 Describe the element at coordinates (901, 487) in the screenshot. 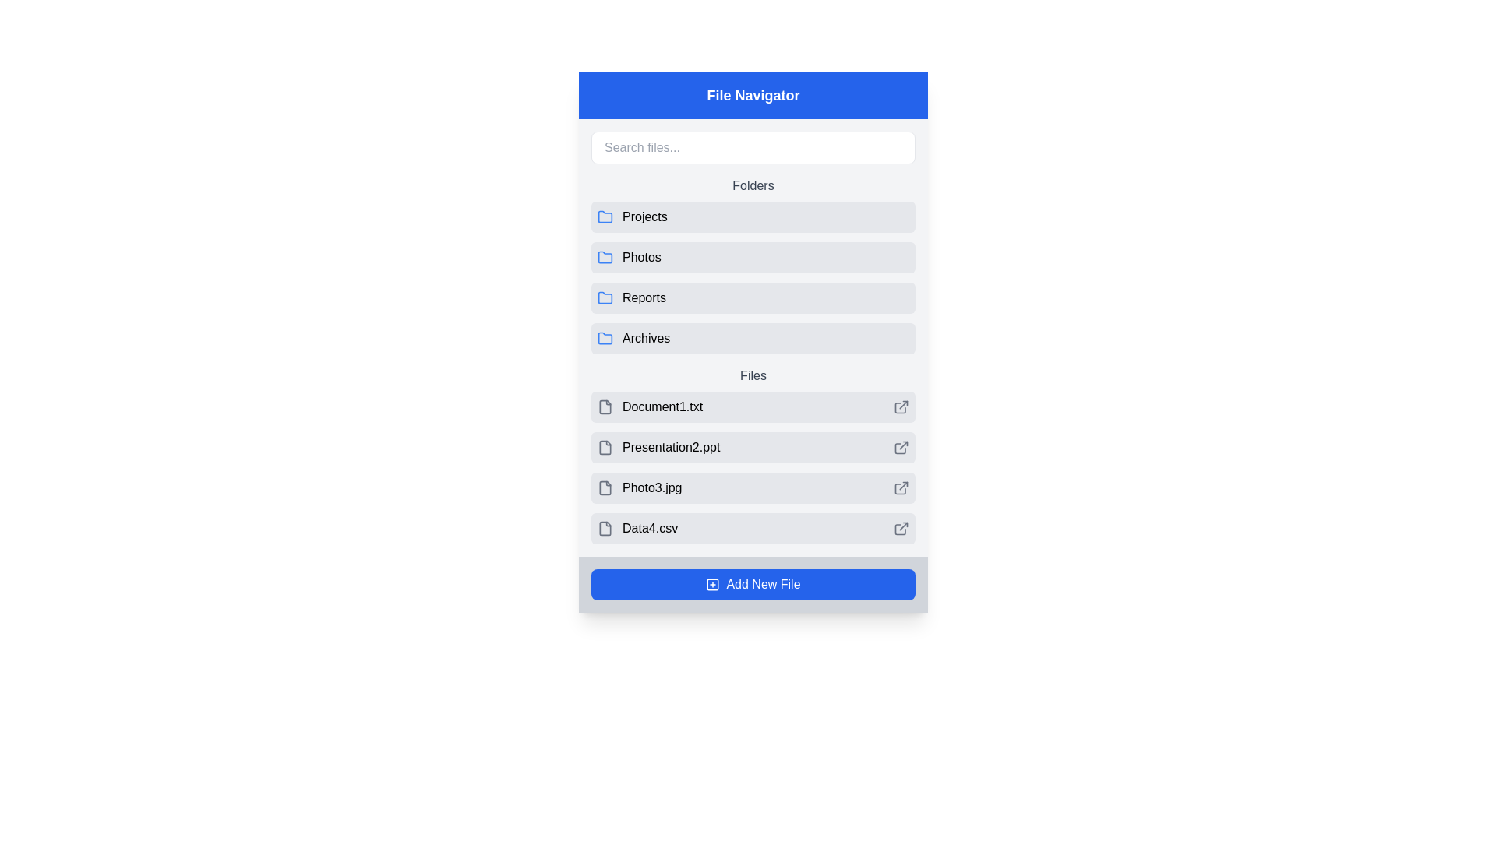

I see `the Icon button located at the far right of the row labeled 'Photo3.jpg' in the Files section` at that location.